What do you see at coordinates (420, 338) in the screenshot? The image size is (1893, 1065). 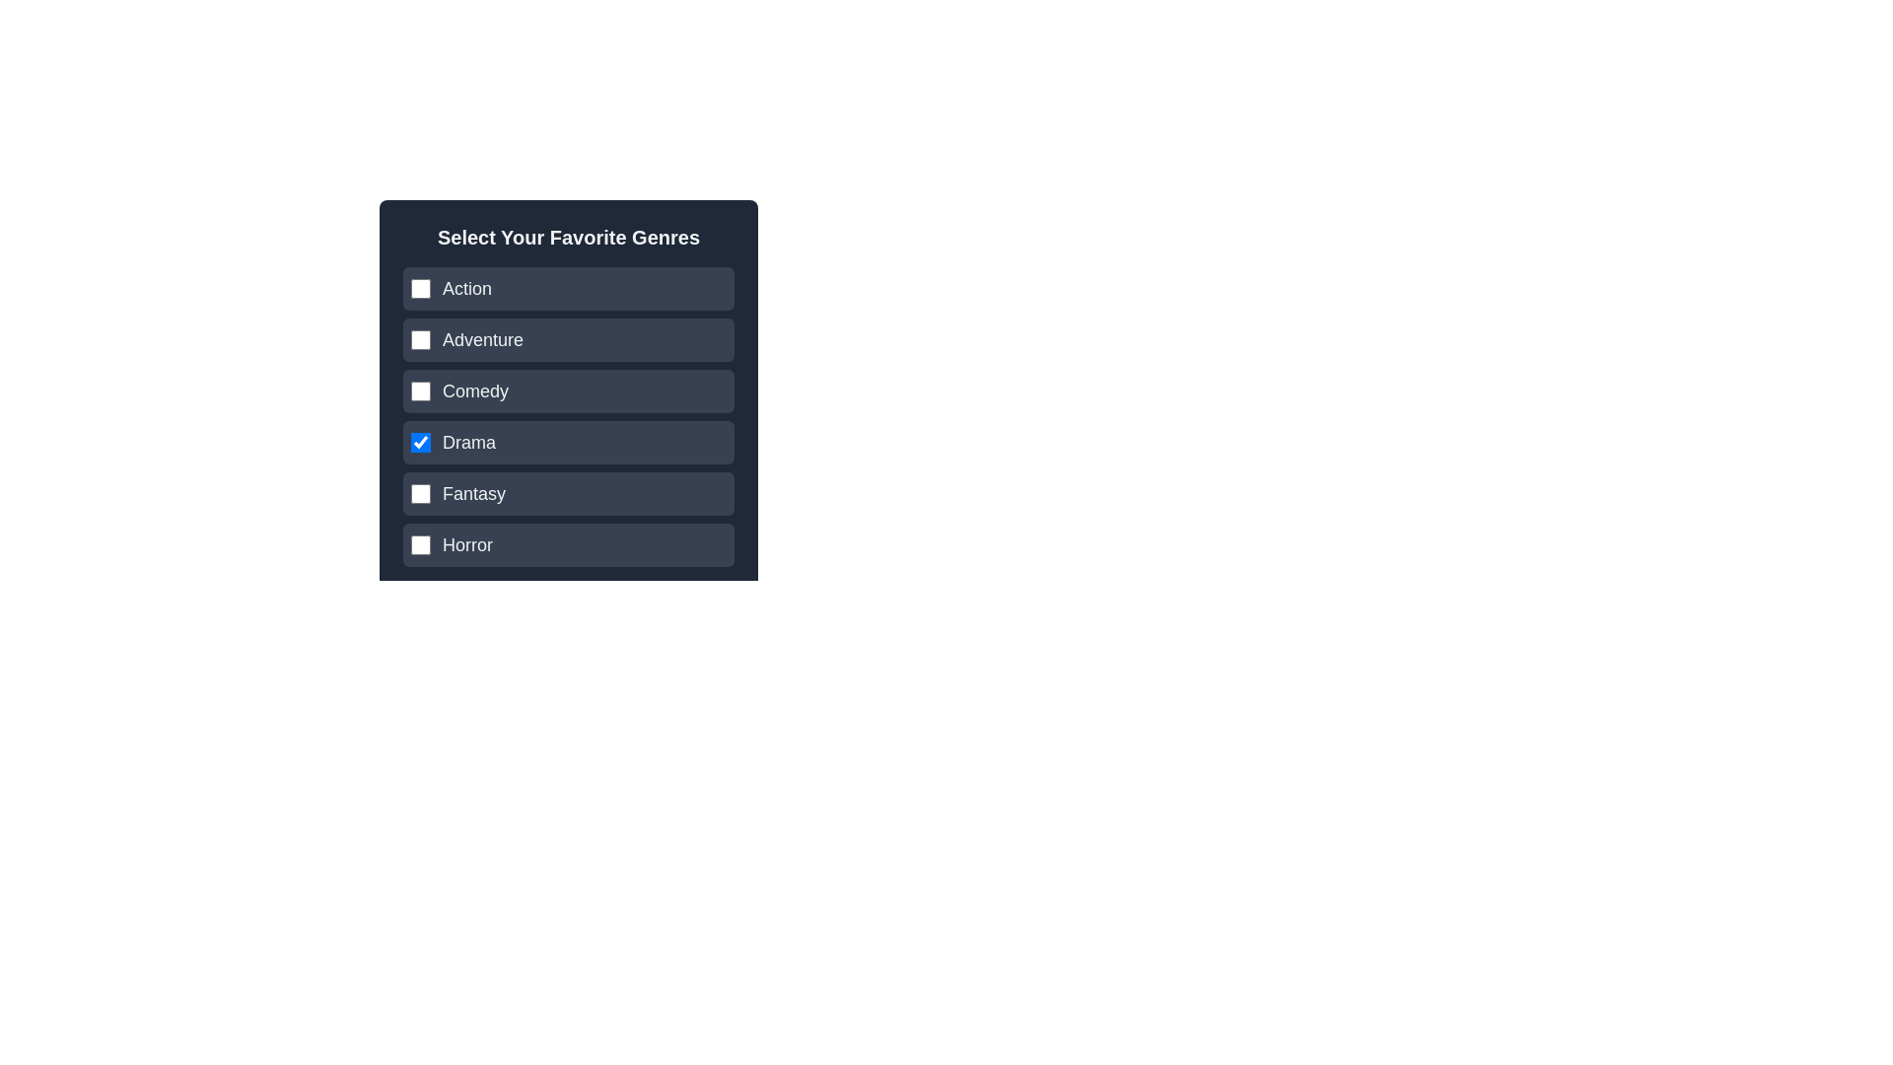 I see `the checkbox next to the text 'Adventure'` at bounding box center [420, 338].